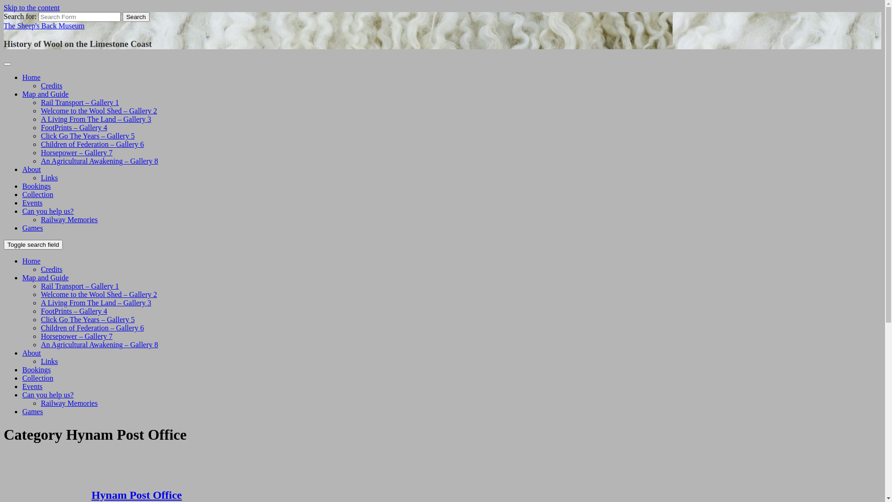 The height and width of the screenshot is (502, 892). Describe the element at coordinates (37, 194) in the screenshot. I see `'Collection'` at that location.